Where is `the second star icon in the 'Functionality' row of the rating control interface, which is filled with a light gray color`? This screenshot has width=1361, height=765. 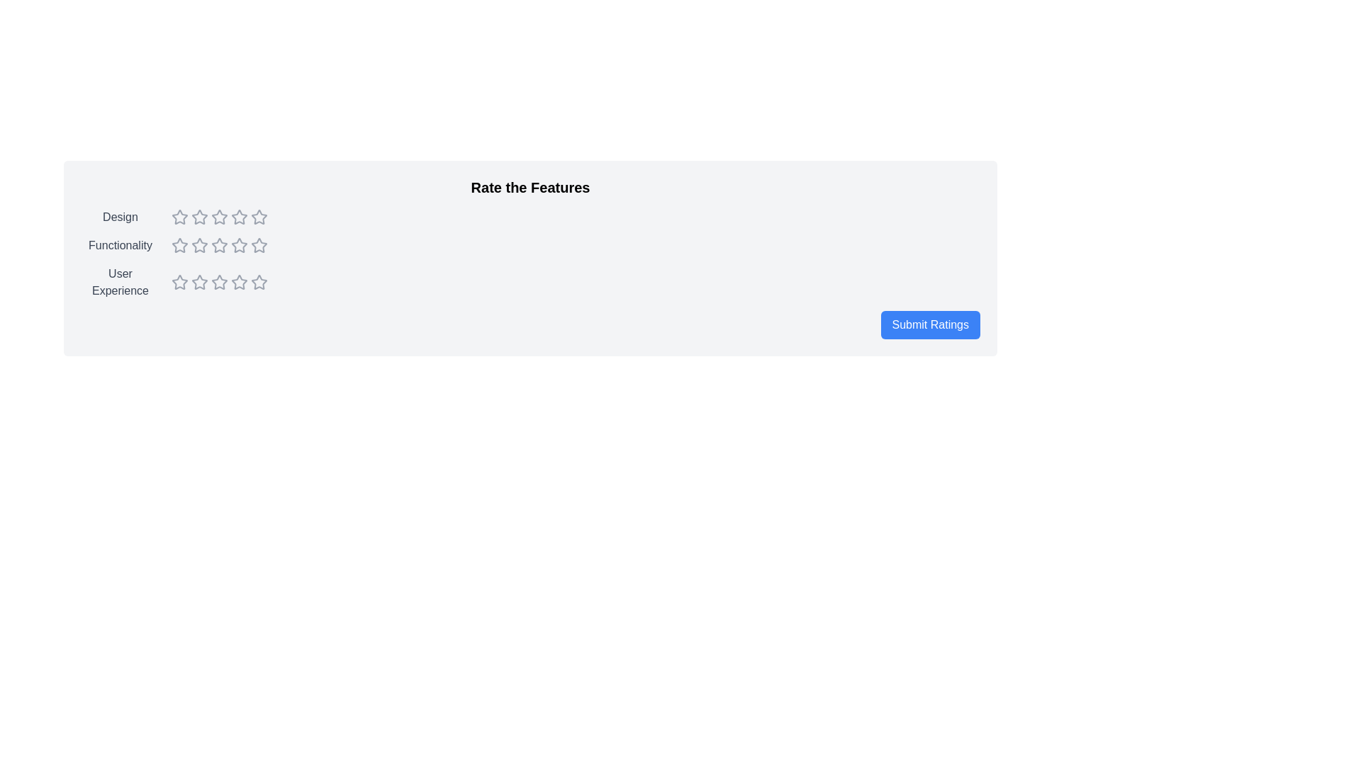
the second star icon in the 'Functionality' row of the rating control interface, which is filled with a light gray color is located at coordinates (219, 244).